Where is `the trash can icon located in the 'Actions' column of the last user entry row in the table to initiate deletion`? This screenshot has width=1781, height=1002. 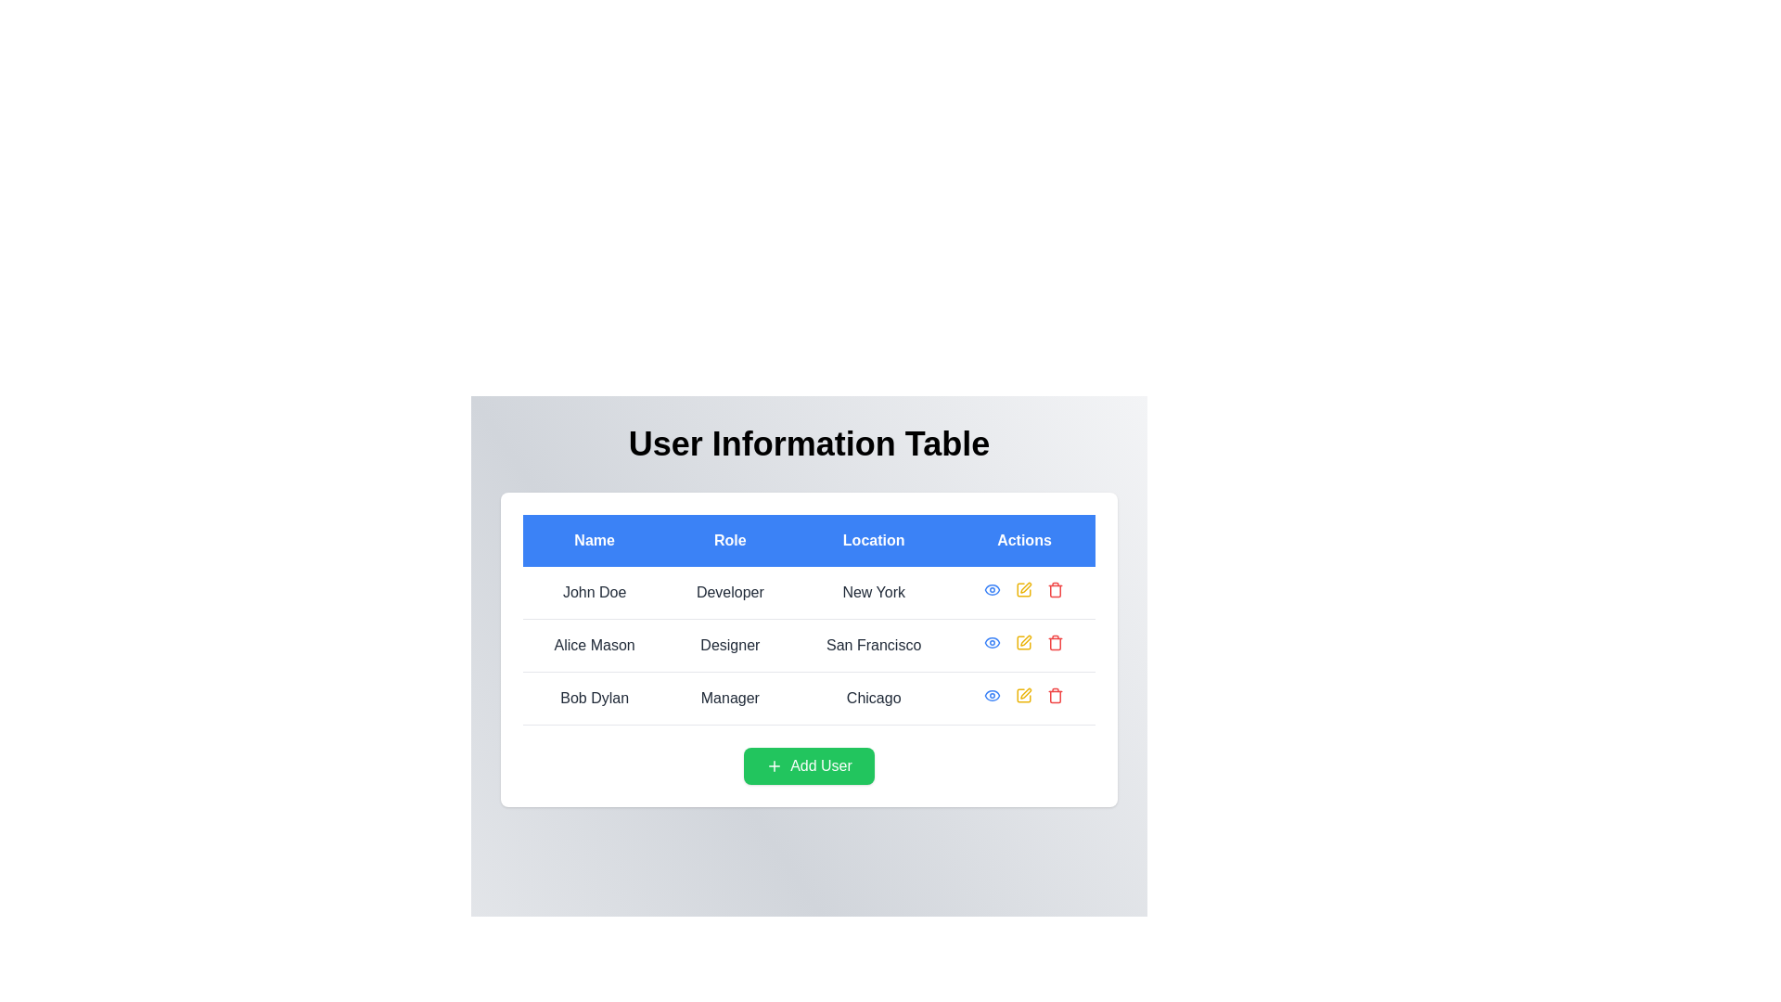 the trash can icon located in the 'Actions' column of the last user entry row in the table to initiate deletion is located at coordinates (1056, 697).